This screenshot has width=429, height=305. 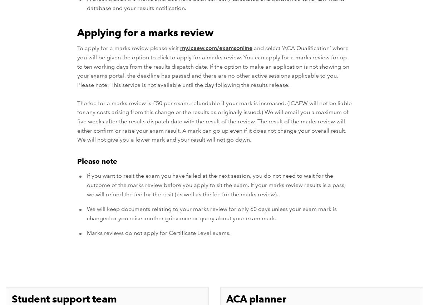 I want to click on 'and select ‘ACA Qualification’ where you will be given the option to click to apply for a marks review. You can apply for a marks review for up to ten working days from the results dispatch date. If the option to make an application is not showing on your exams portal, the deadline has passed and there are no other active sessions applicable to you.', so click(x=213, y=62).